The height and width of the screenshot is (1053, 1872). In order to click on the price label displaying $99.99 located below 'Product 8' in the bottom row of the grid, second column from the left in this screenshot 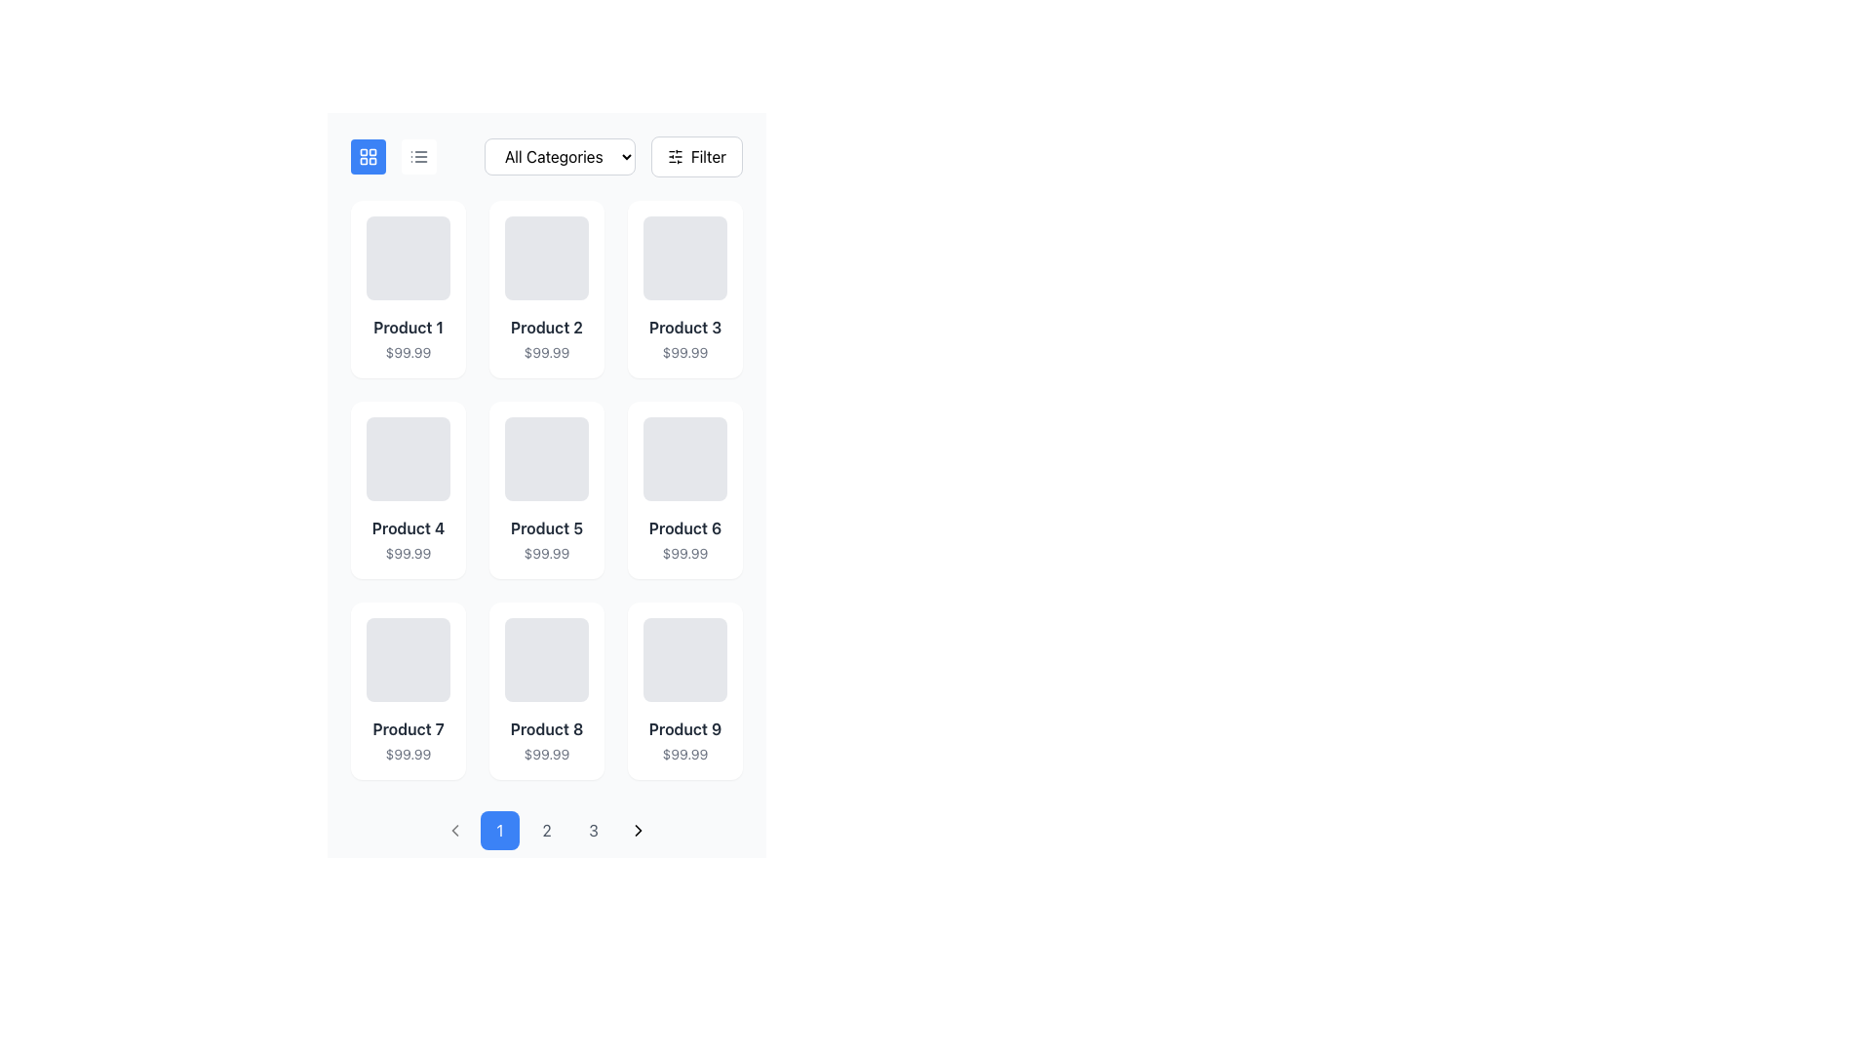, I will do `click(546, 754)`.